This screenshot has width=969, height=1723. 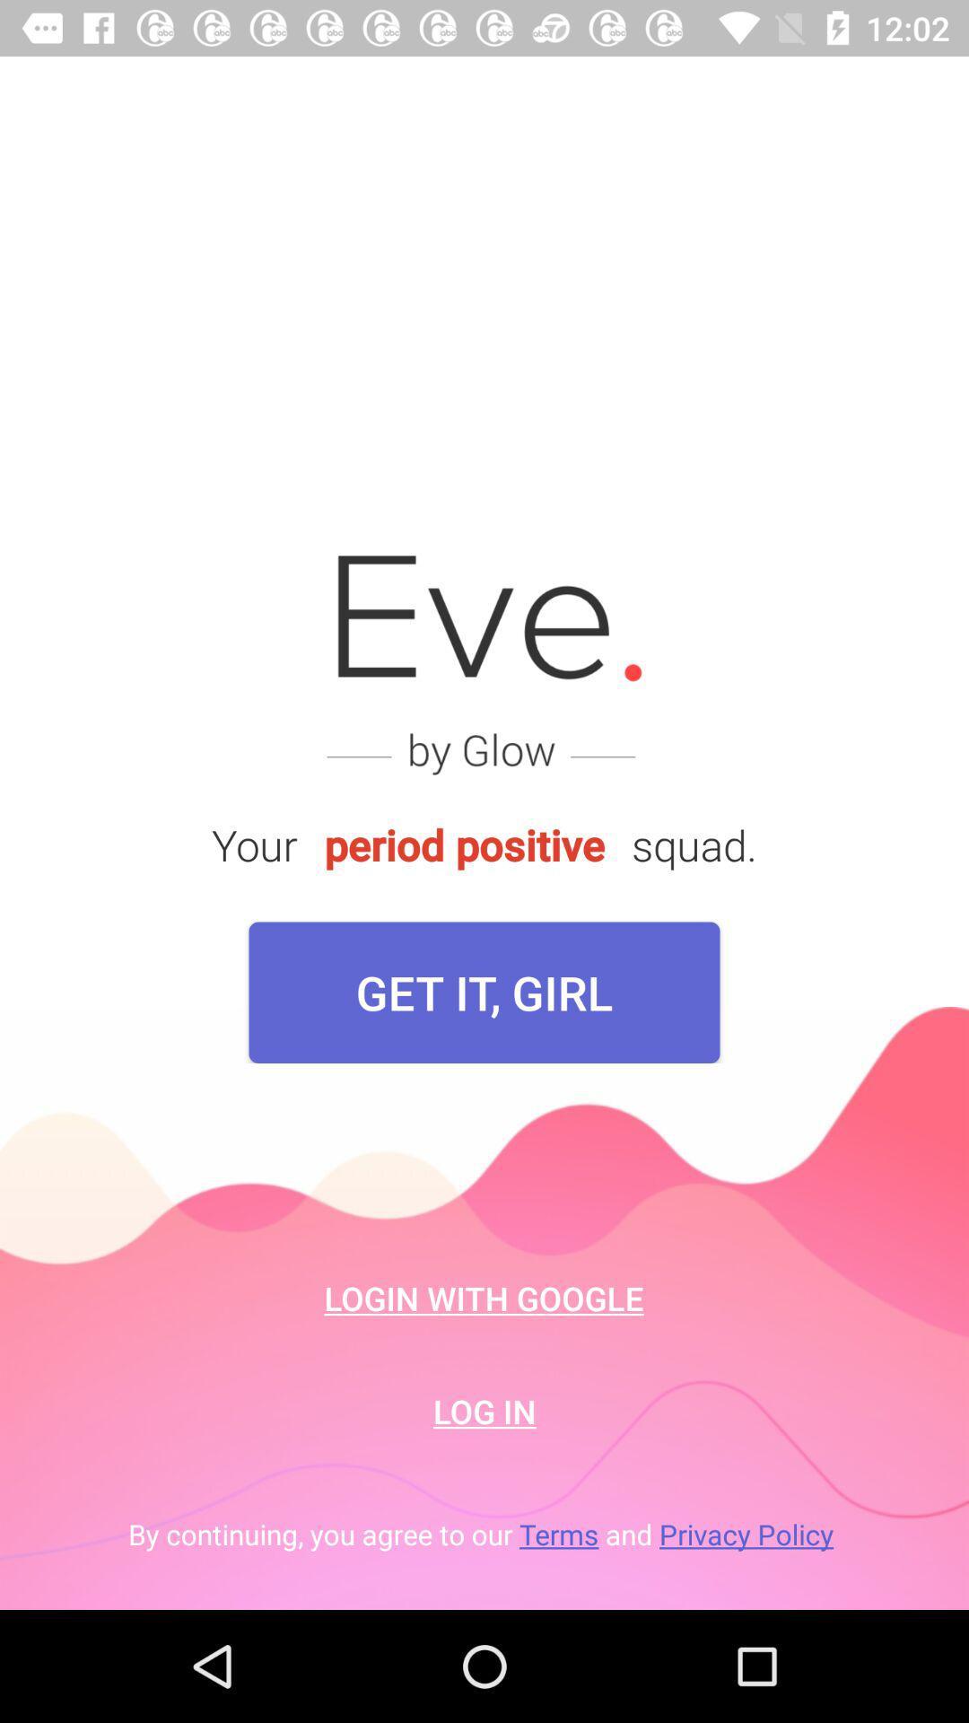 What do you see at coordinates (484, 1533) in the screenshot?
I see `the icon below  log in  item` at bounding box center [484, 1533].